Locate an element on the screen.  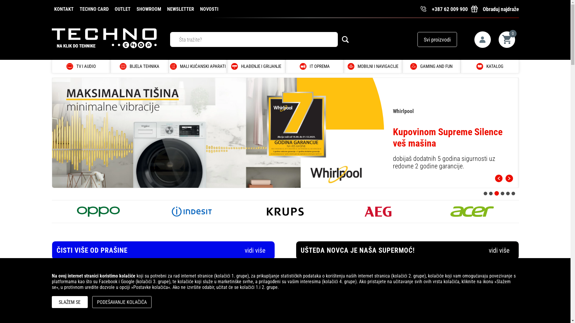
'6' is located at coordinates (513, 193).